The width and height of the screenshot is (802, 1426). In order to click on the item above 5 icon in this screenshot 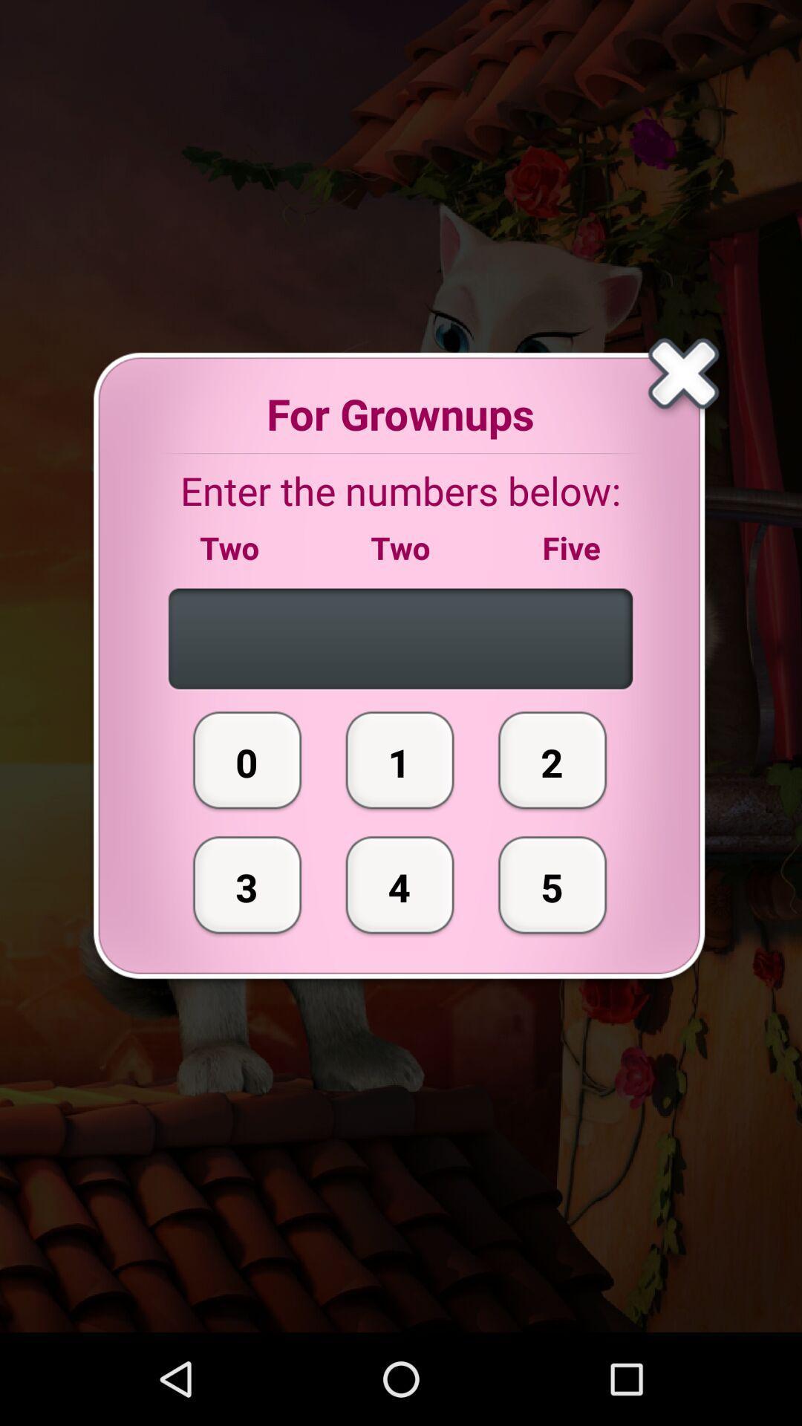, I will do `click(552, 760)`.